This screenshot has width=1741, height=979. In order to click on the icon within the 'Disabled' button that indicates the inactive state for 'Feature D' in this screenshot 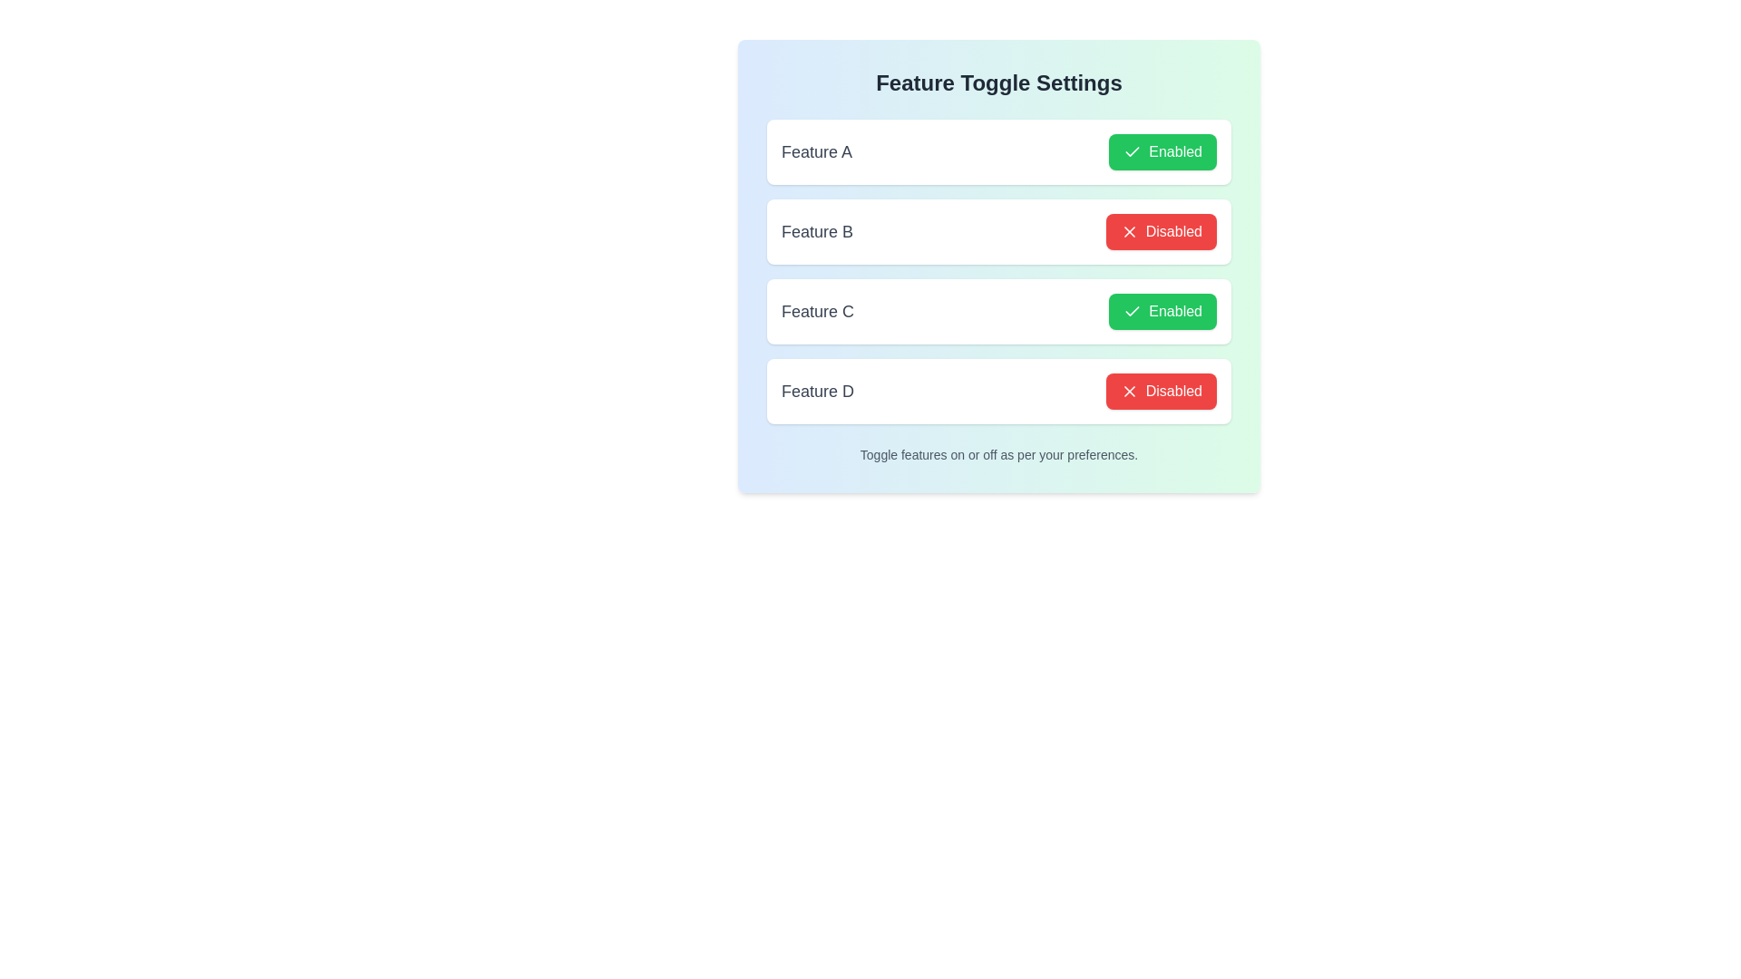, I will do `click(1128, 391)`.